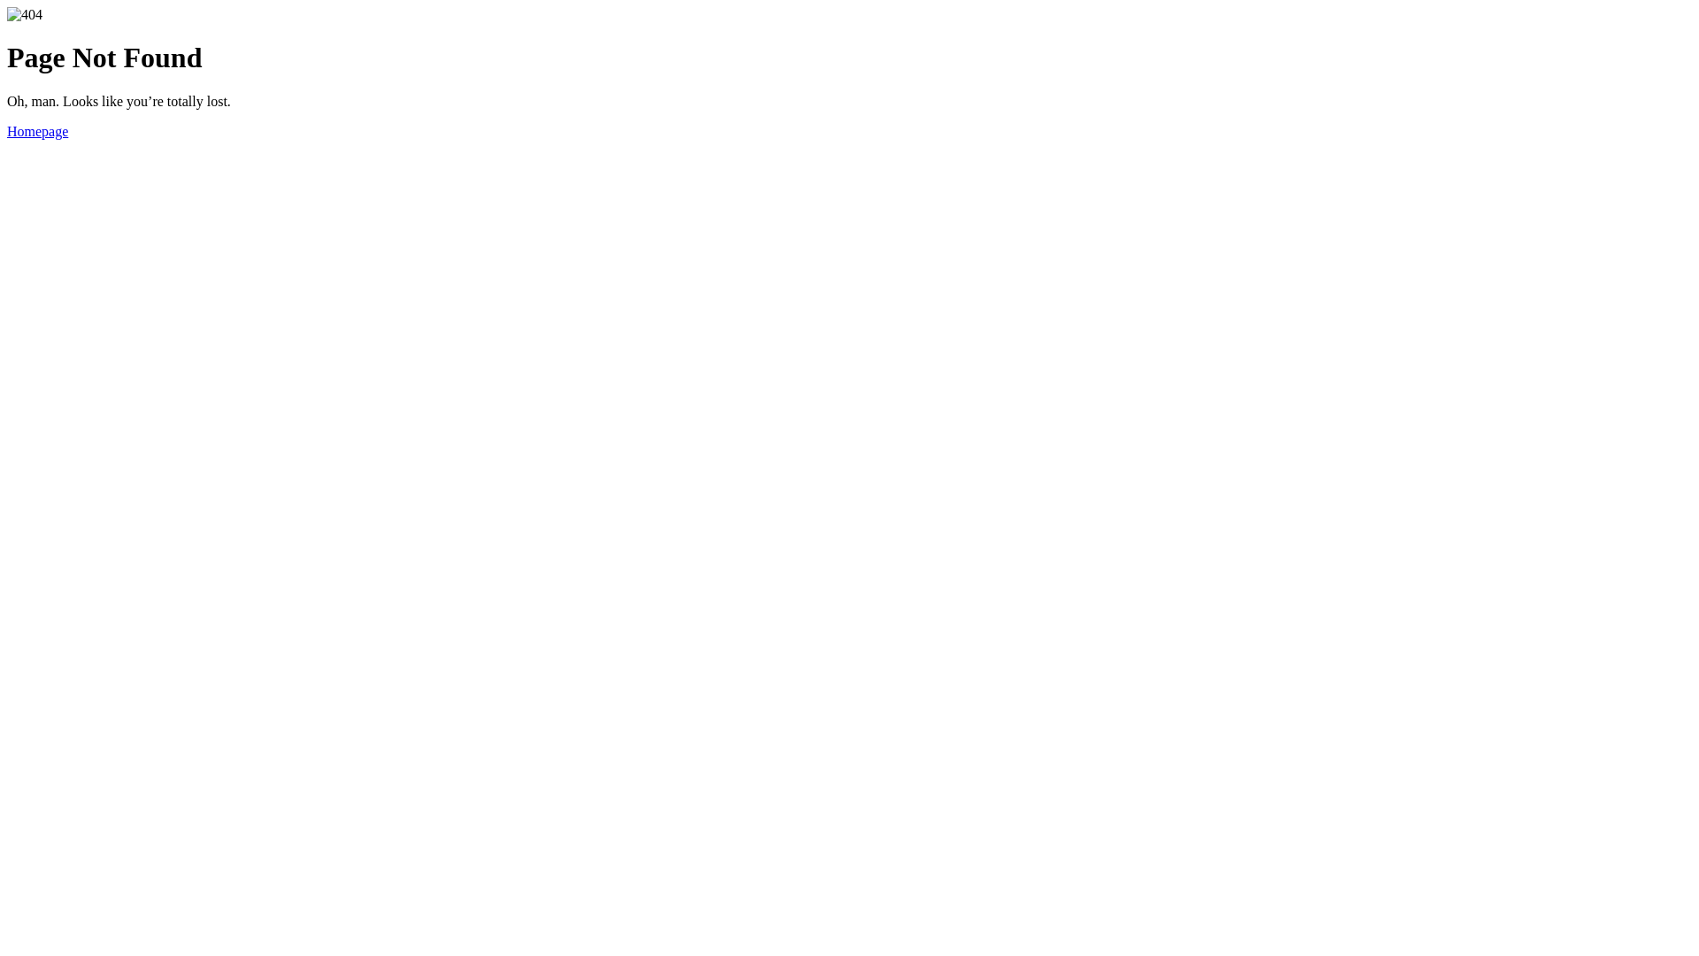 The width and height of the screenshot is (1699, 956). Describe the element at coordinates (7, 130) in the screenshot. I see `'Homepage'` at that location.